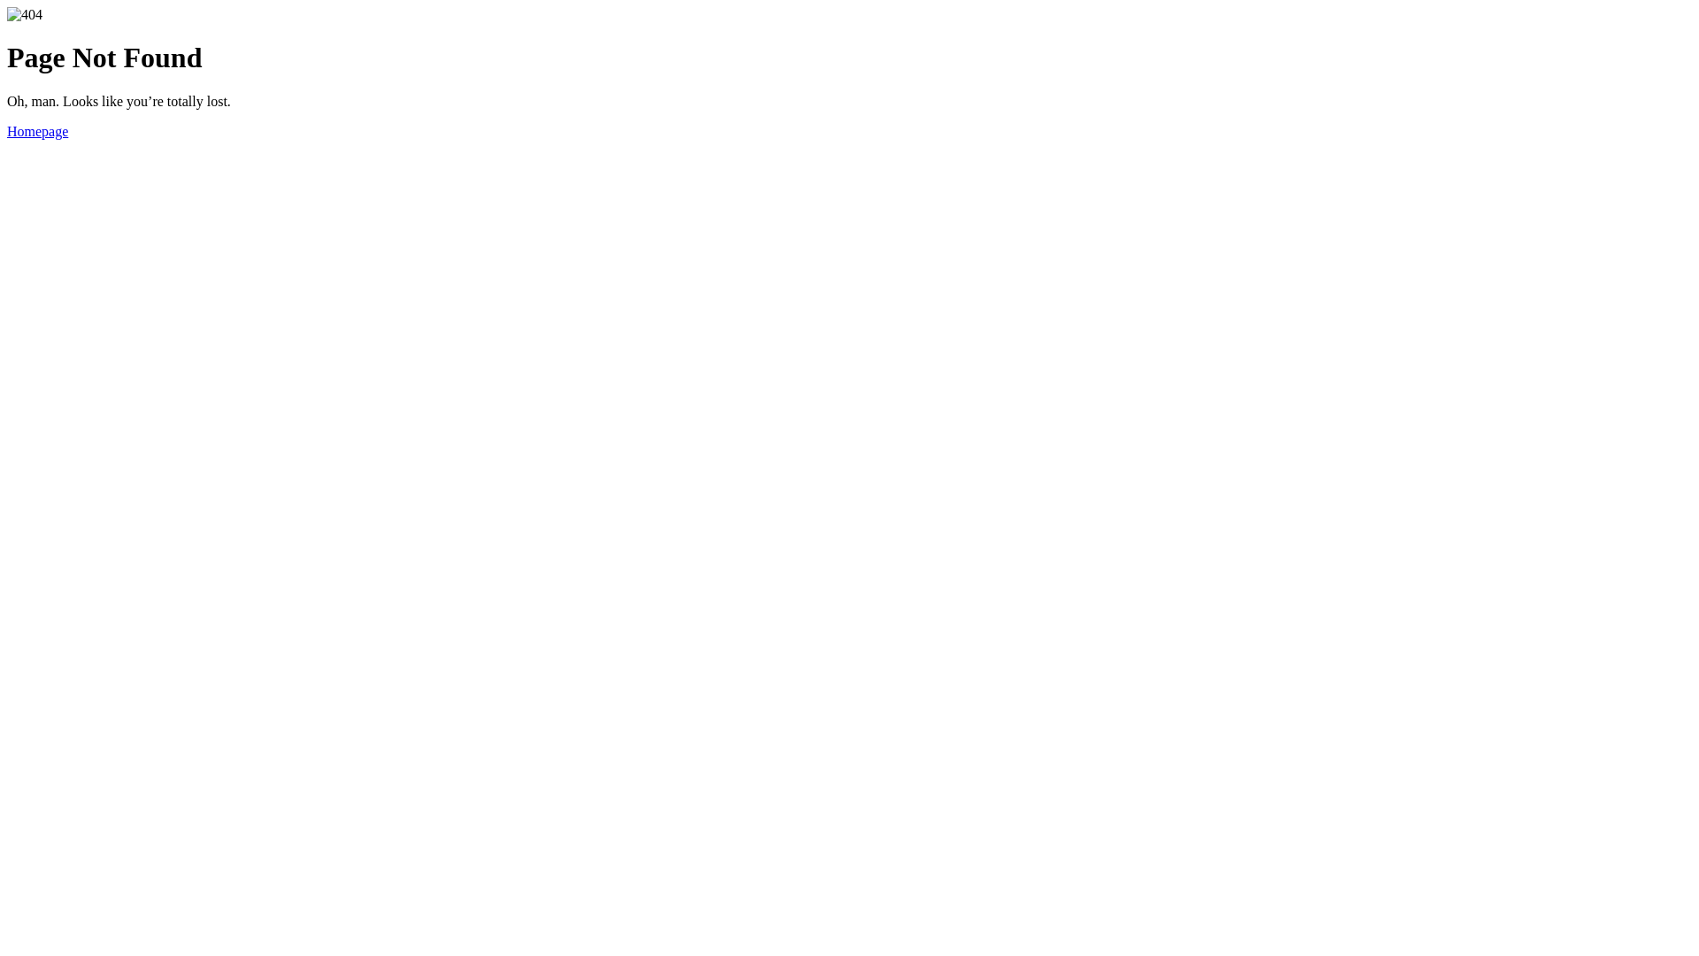 The width and height of the screenshot is (1699, 956). Describe the element at coordinates (7, 130) in the screenshot. I see `'Homepage'` at that location.